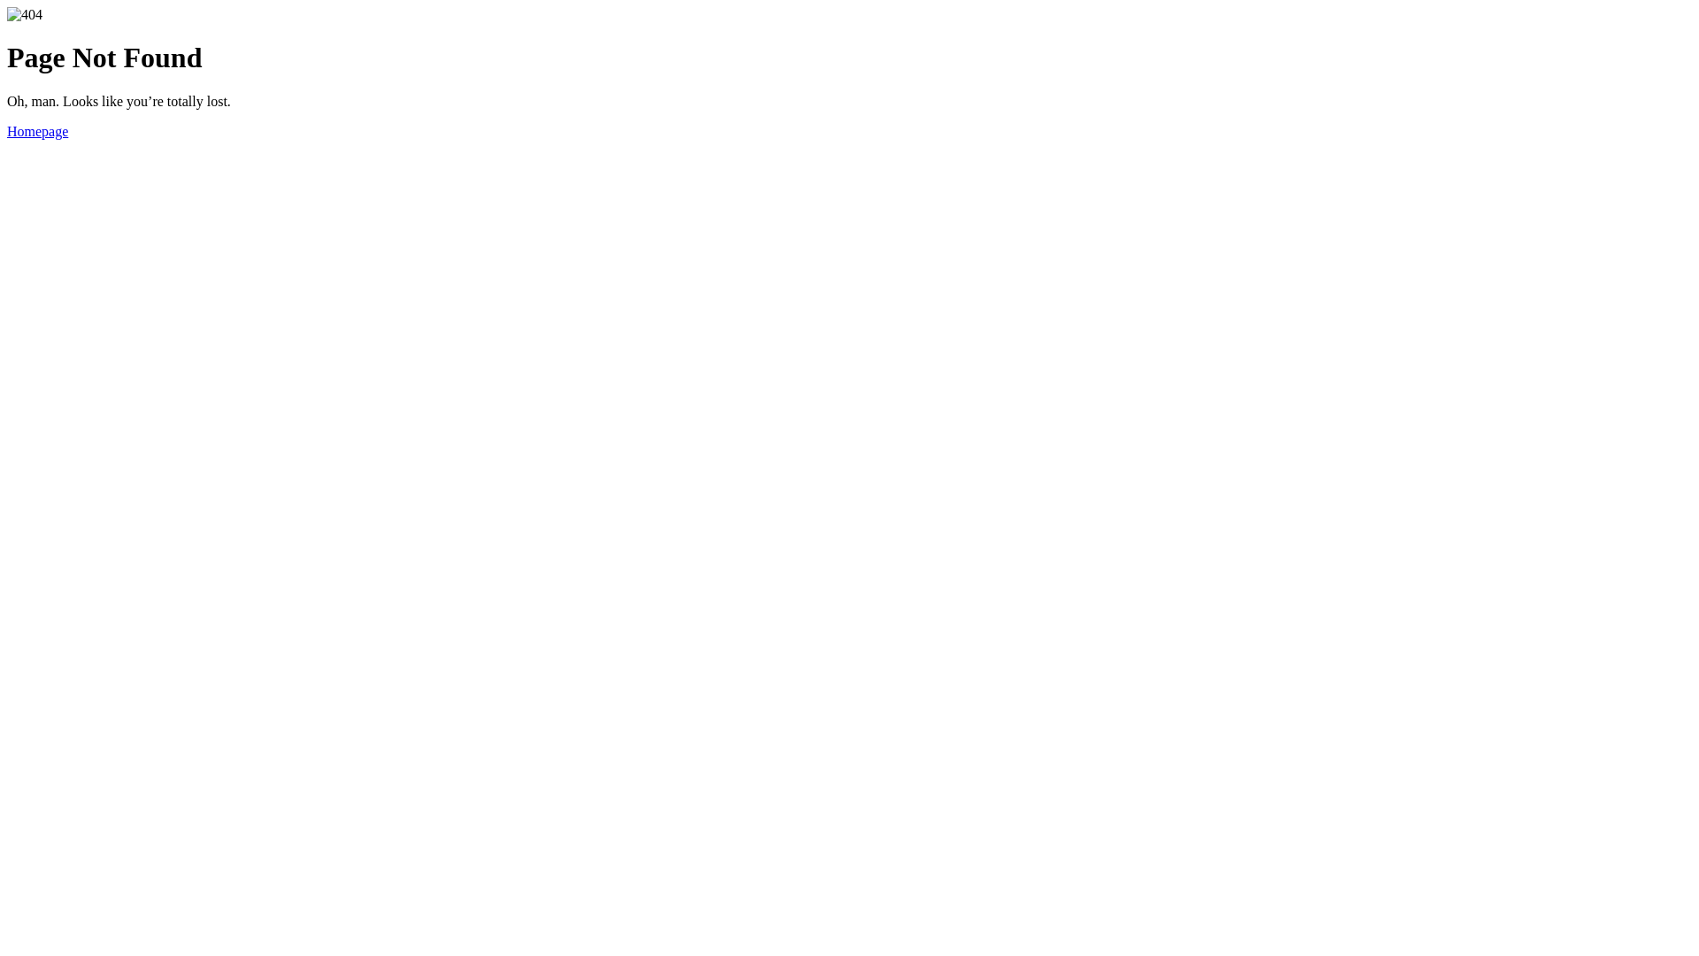 The width and height of the screenshot is (1699, 956). Describe the element at coordinates (7, 130) in the screenshot. I see `'Homepage'` at that location.